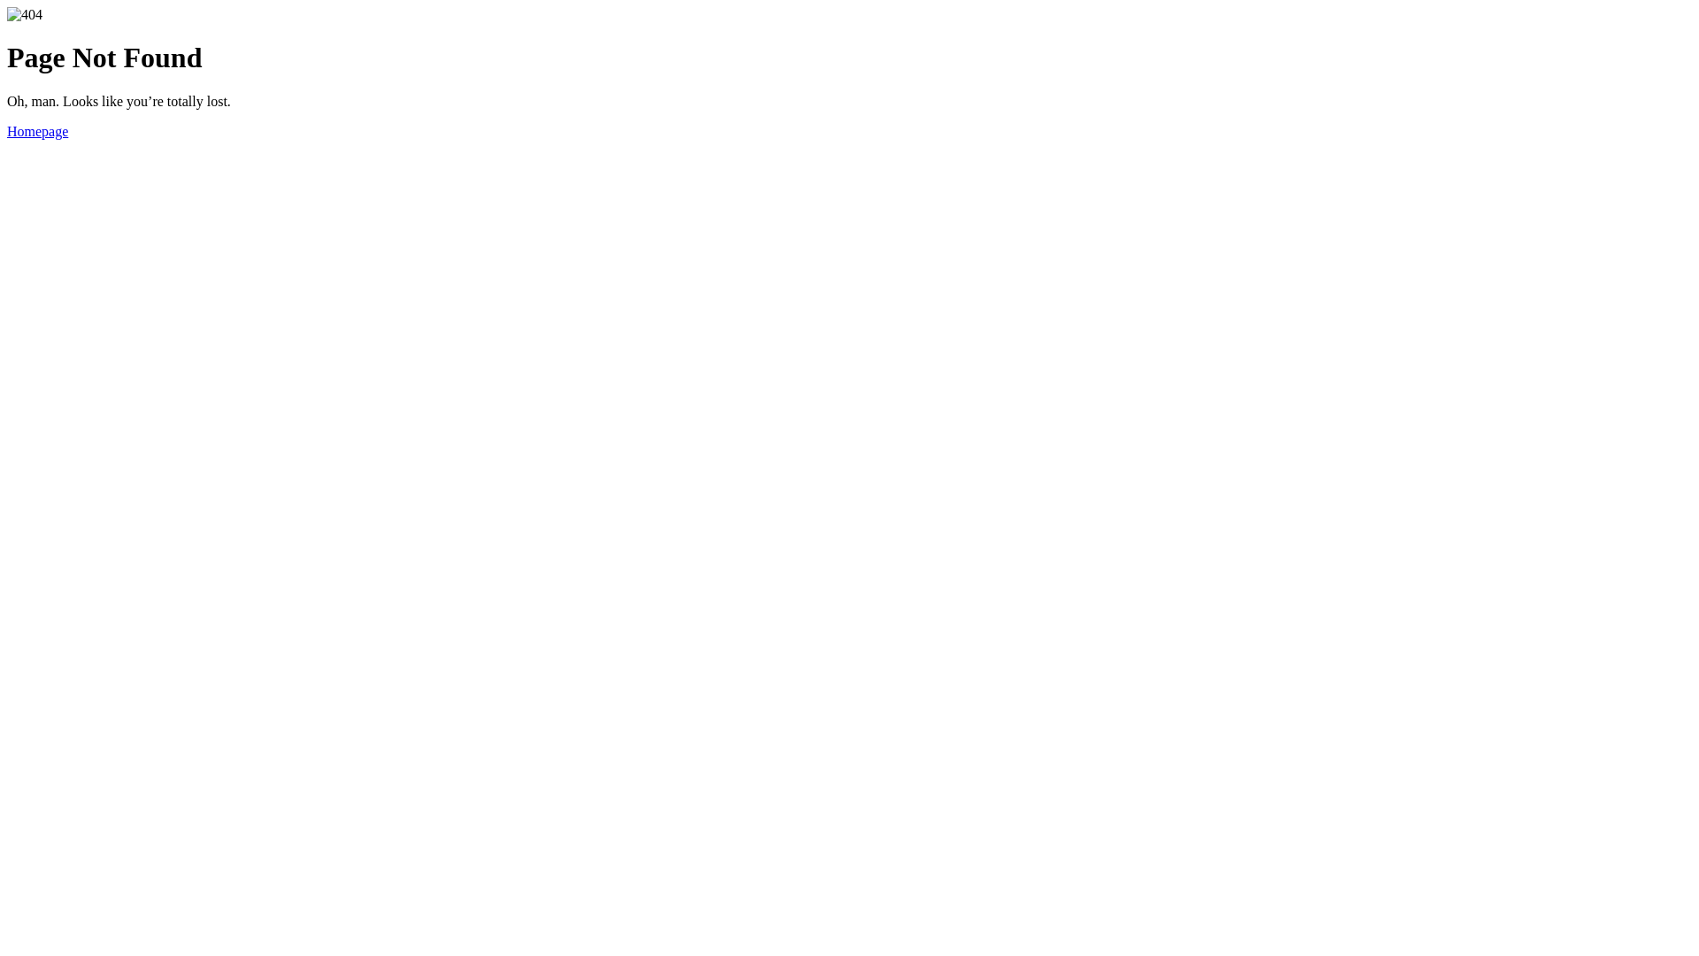 The width and height of the screenshot is (1699, 956). Describe the element at coordinates (7, 130) in the screenshot. I see `'Homepage'` at that location.